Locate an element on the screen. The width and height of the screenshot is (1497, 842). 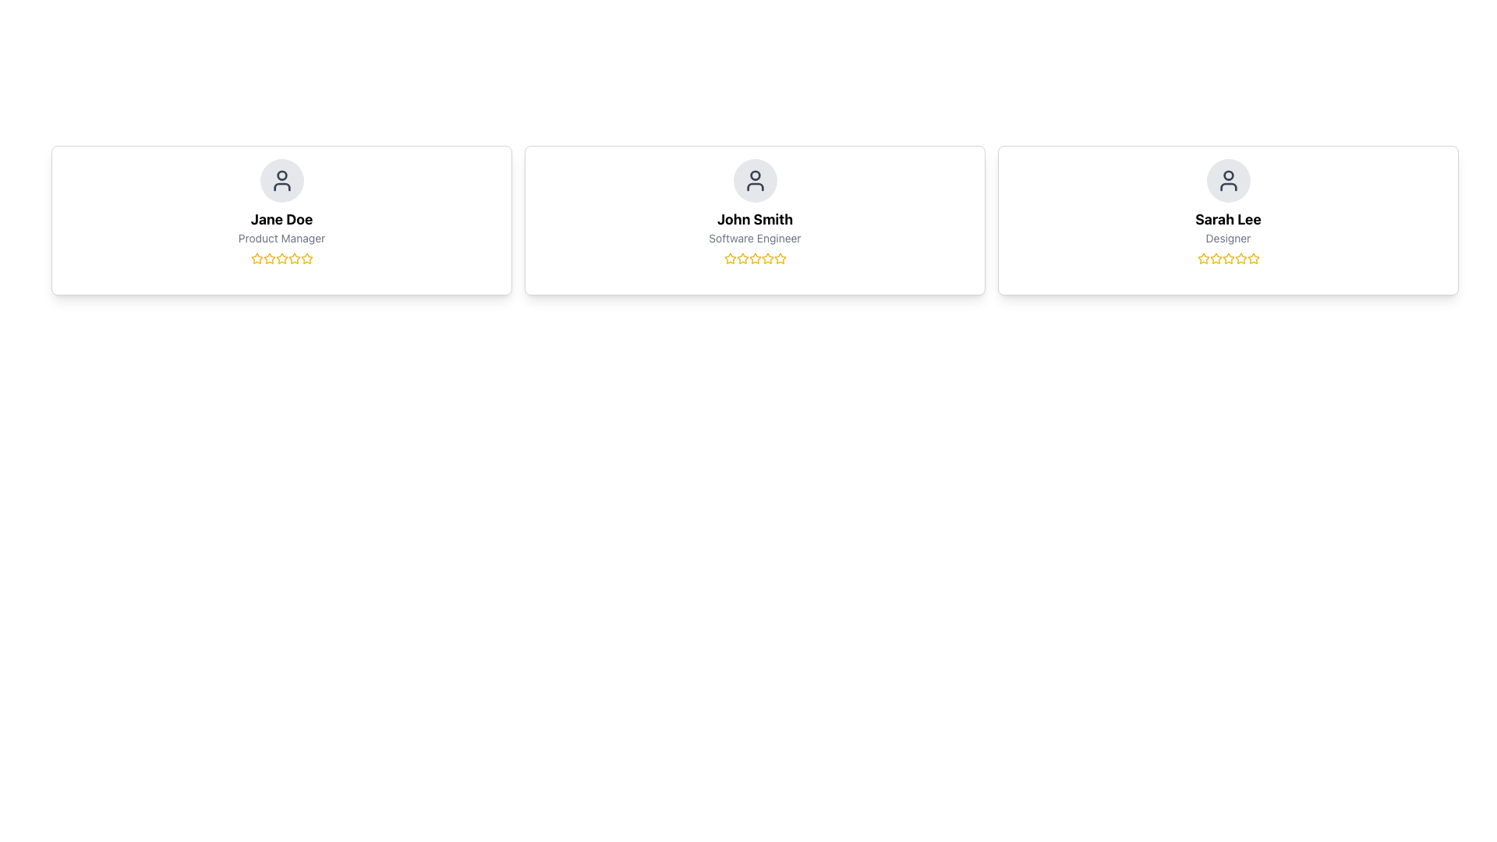
keyboard navigation is located at coordinates (306, 257).